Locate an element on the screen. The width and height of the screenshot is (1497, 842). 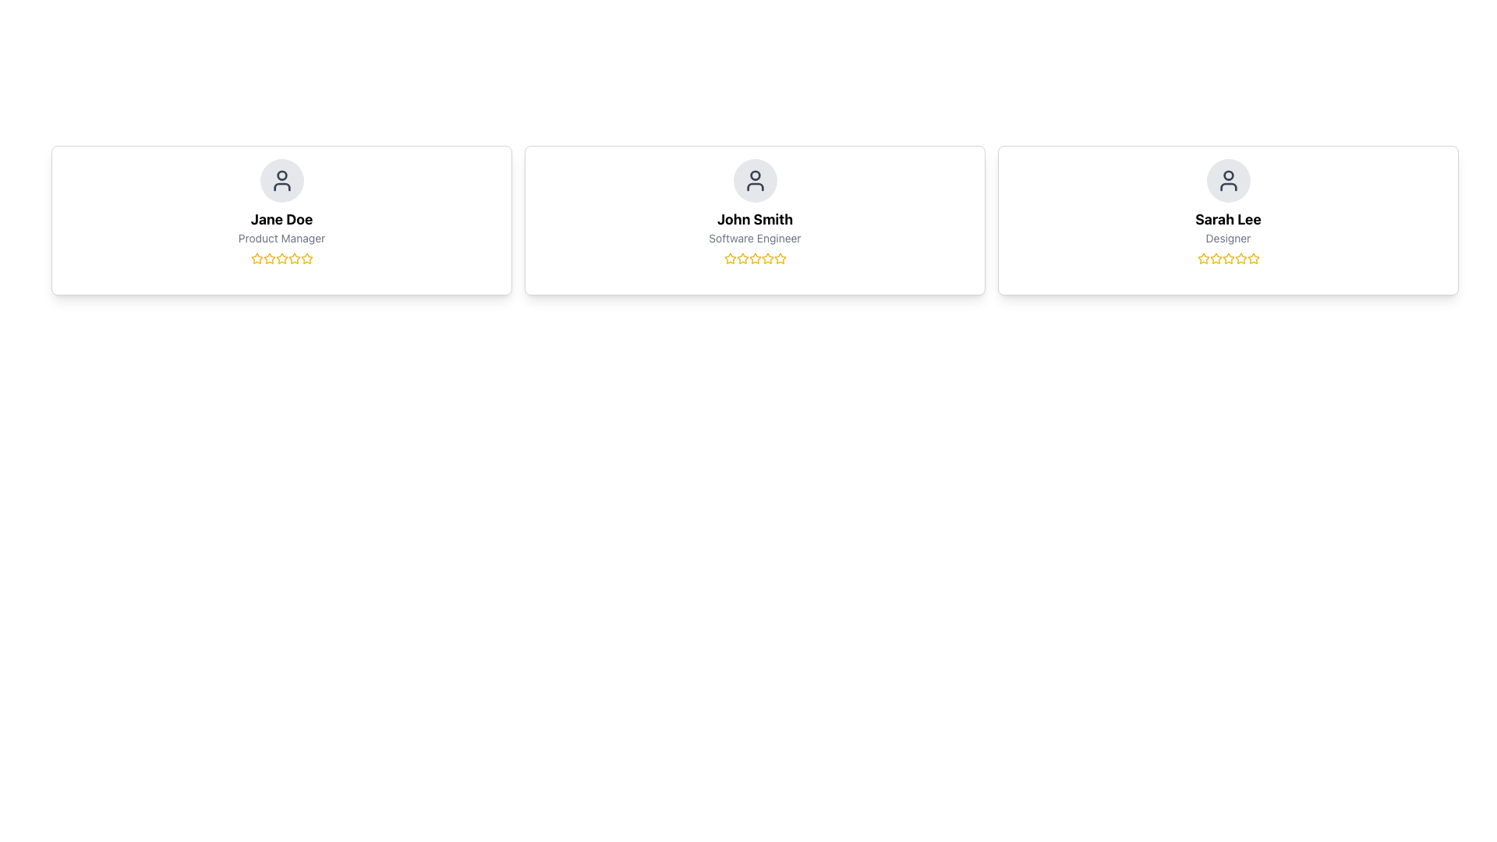
keyboard navigation is located at coordinates (306, 257).